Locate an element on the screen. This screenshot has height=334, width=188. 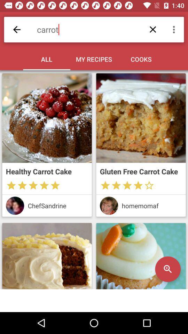
item next to carrot item is located at coordinates (174, 30).